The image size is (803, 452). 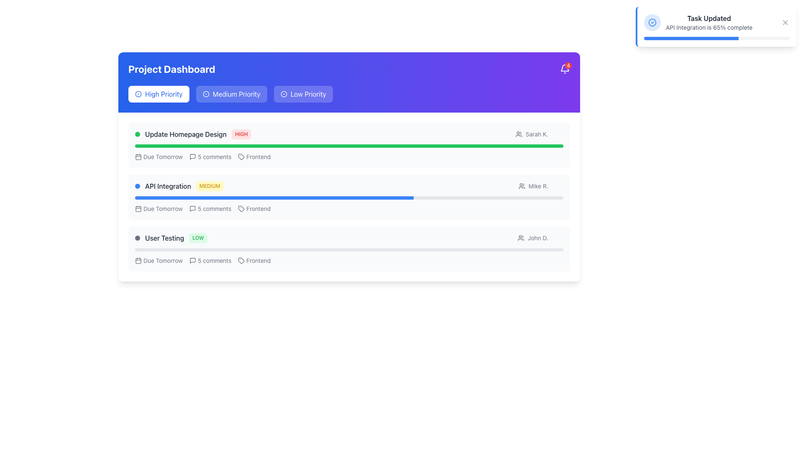 What do you see at coordinates (284, 94) in the screenshot?
I see `the circle shape within the SVG graphic located in the top-right corner of the dashboard heading section, which serves a decorative or informative purpose` at bounding box center [284, 94].